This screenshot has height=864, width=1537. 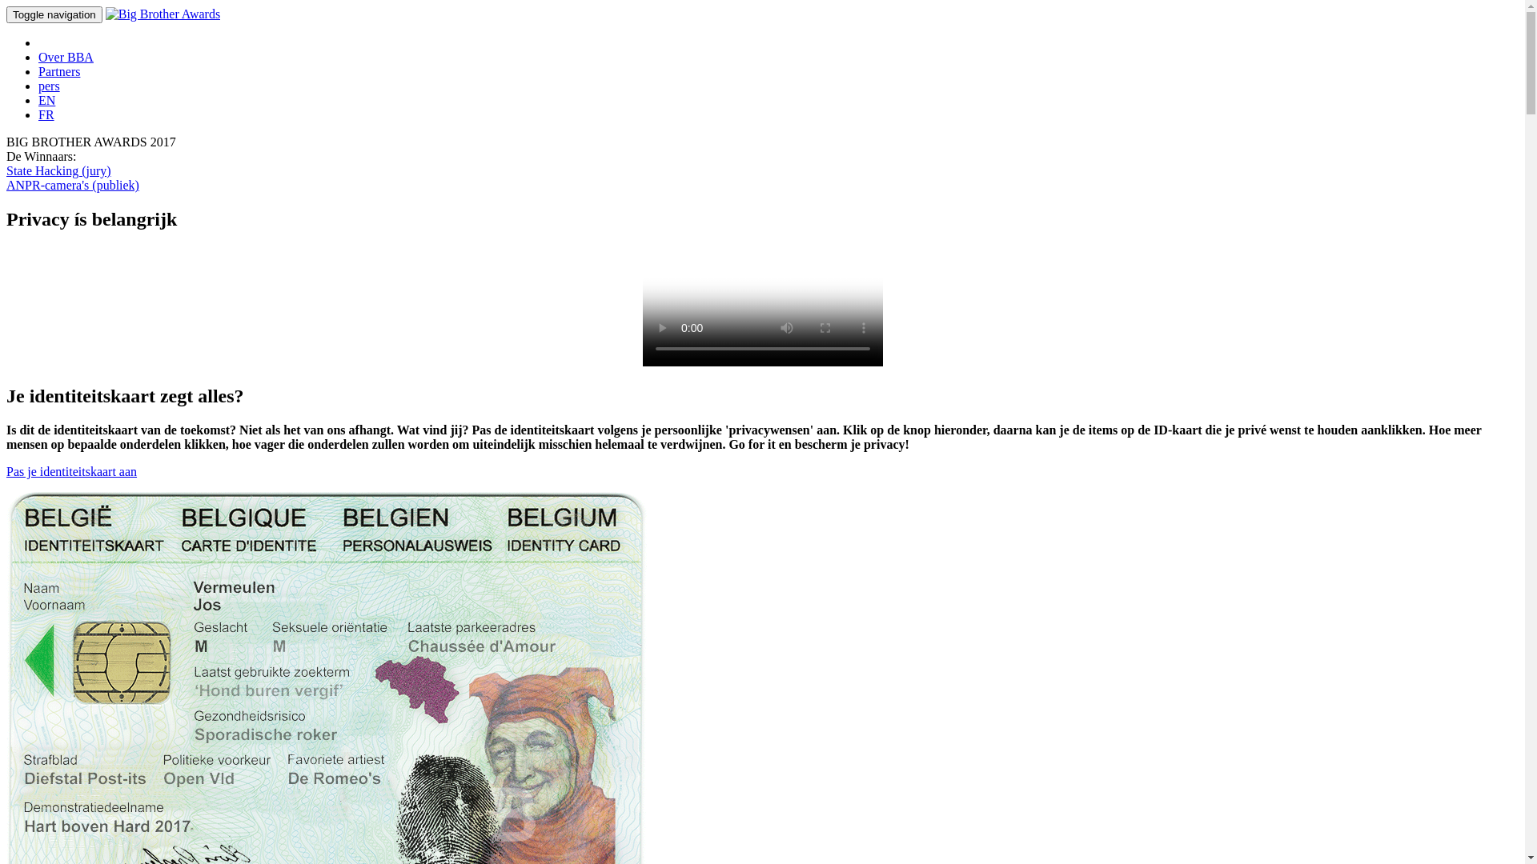 I want to click on 'pers', so click(x=49, y=86).